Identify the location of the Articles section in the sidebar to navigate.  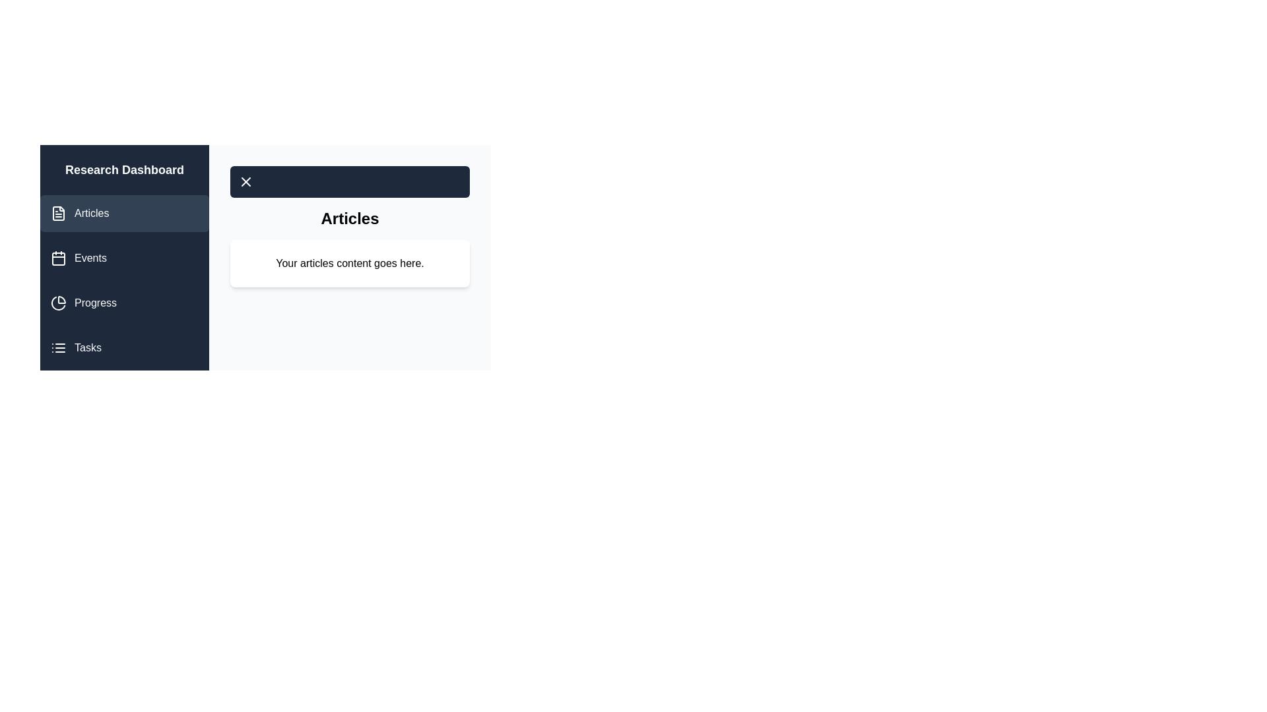
(124, 213).